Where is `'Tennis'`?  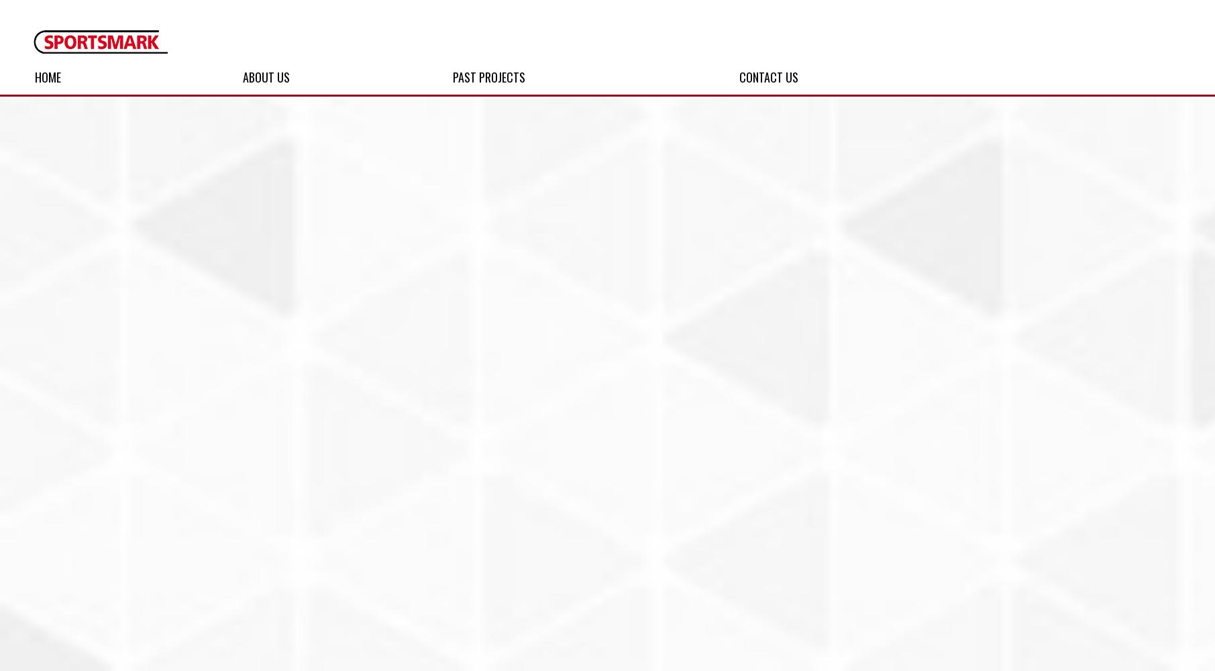
'Tennis' is located at coordinates (105, 556).